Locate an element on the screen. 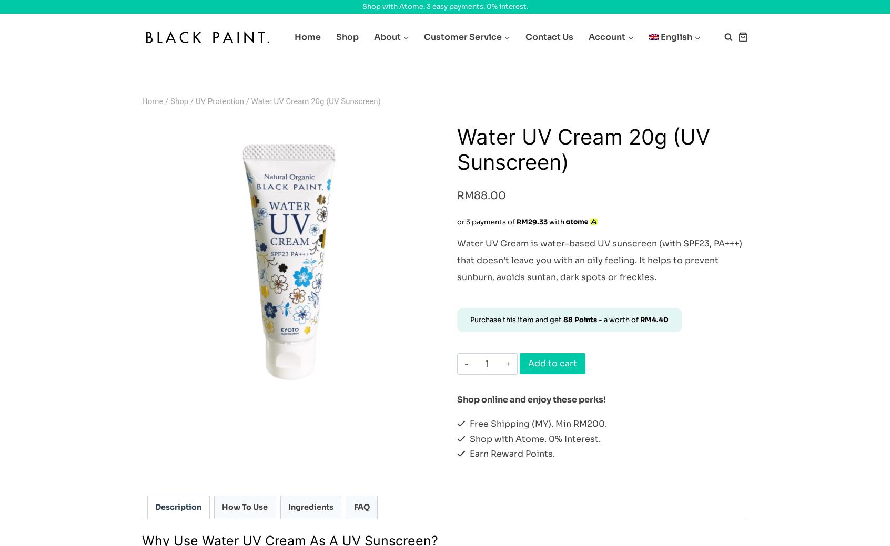  'with' is located at coordinates (557, 221).